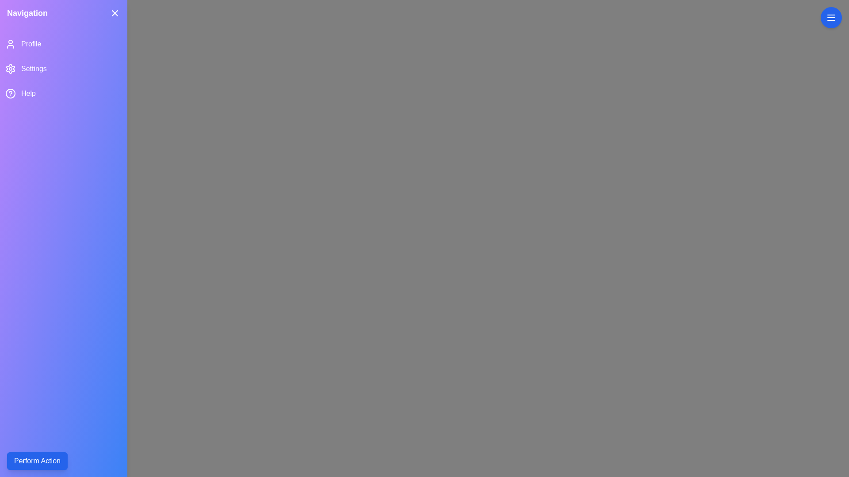  Describe the element at coordinates (114, 13) in the screenshot. I see `the close icon located at the top-right corner of the sidebar panel to hide or collapse the navigation menu` at that location.